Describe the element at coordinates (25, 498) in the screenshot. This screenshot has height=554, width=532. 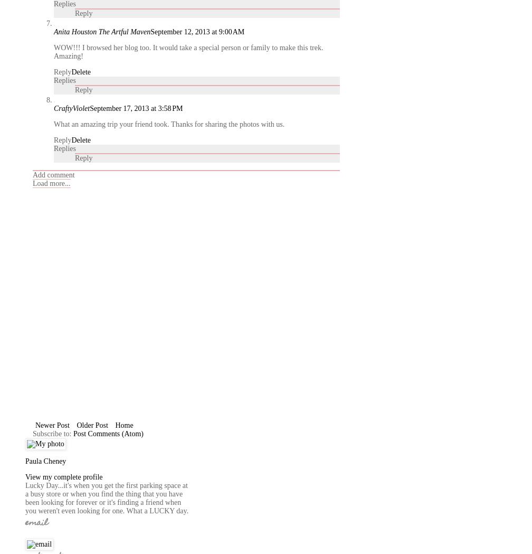
I see `'Lucky Day...it's when you get the first parking space at a busy store or when you find the thing that you have been looking for forever or it's finding a friend when you weren't even looking for one. What a LUCKY day.'` at that location.